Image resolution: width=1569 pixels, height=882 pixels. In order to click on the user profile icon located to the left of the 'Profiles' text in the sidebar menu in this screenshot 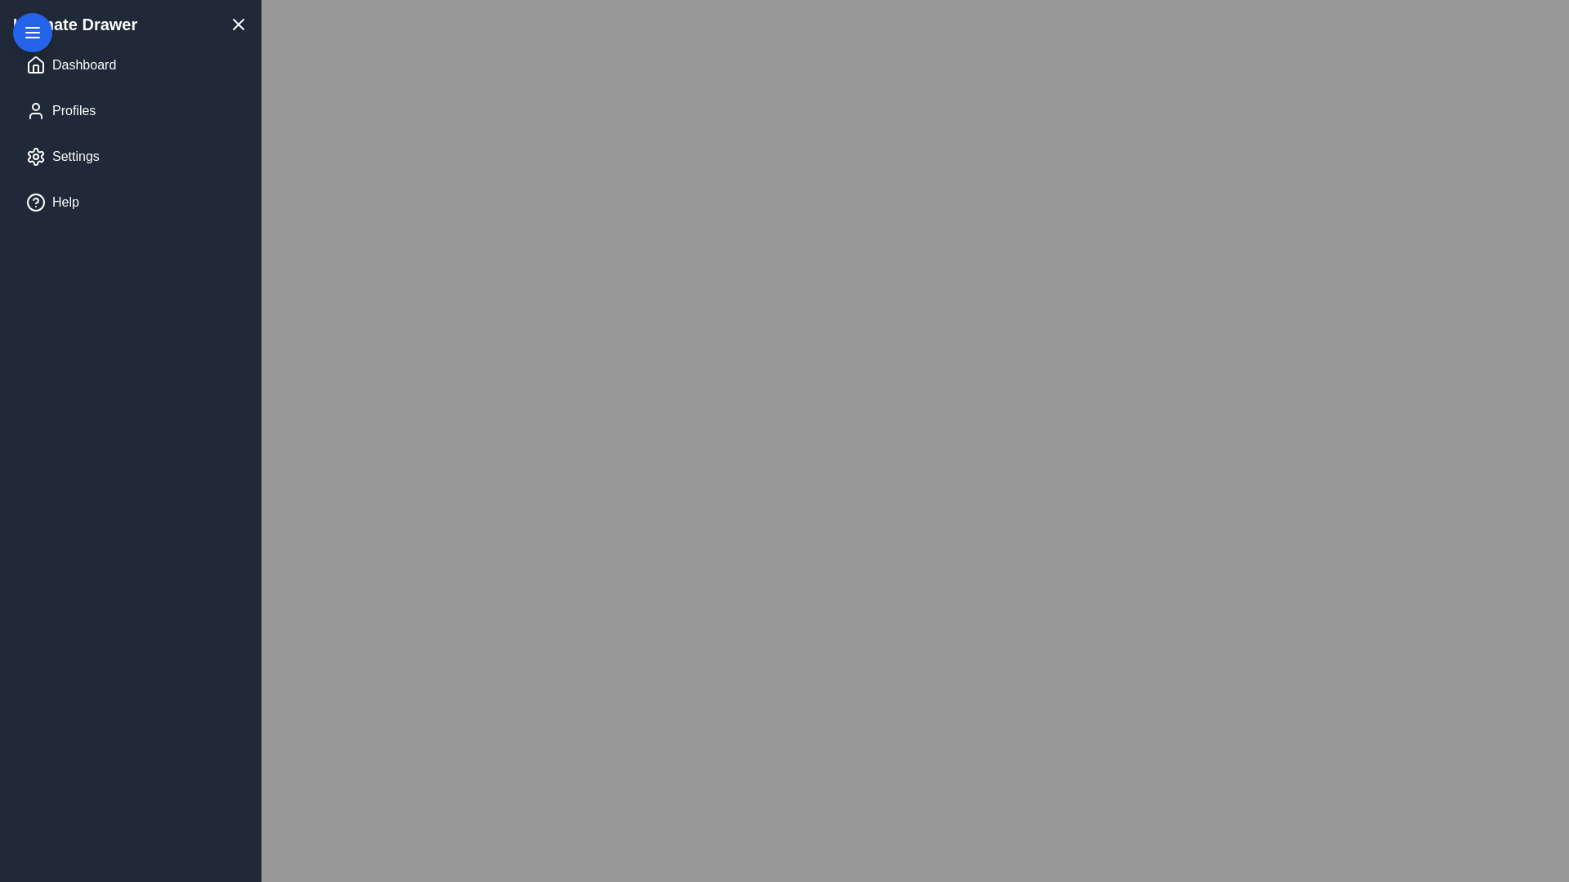, I will do `click(35, 110)`.